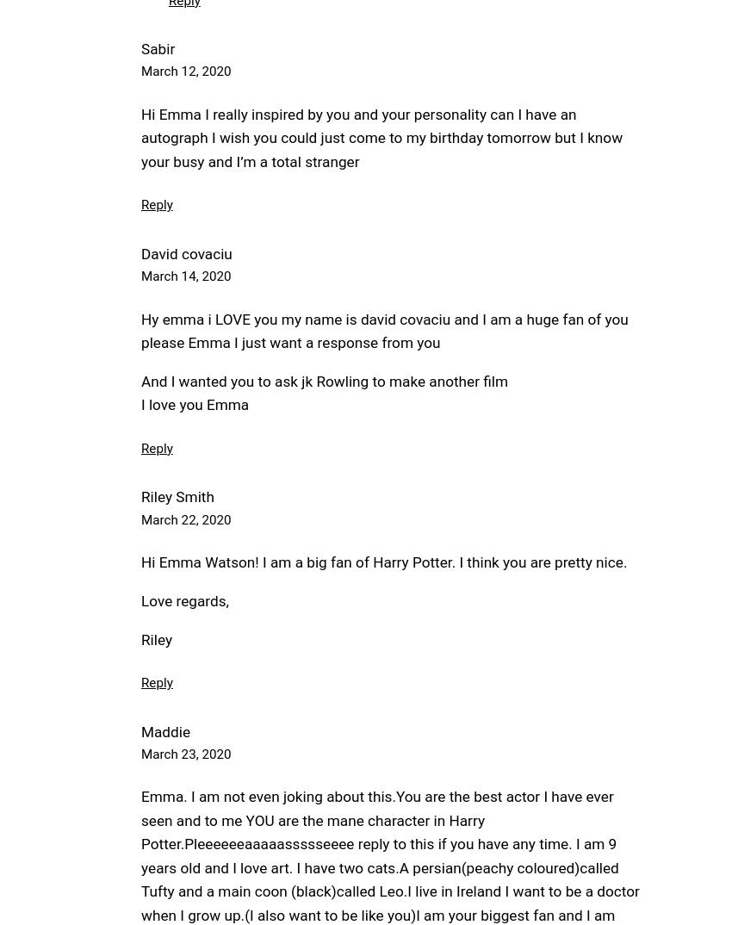 The width and height of the screenshot is (732, 925). Describe the element at coordinates (383, 330) in the screenshot. I see `'Hy emma i LOVE you my name is david covaciu and I am a huge fan of you please Emma I just want a response from you'` at that location.